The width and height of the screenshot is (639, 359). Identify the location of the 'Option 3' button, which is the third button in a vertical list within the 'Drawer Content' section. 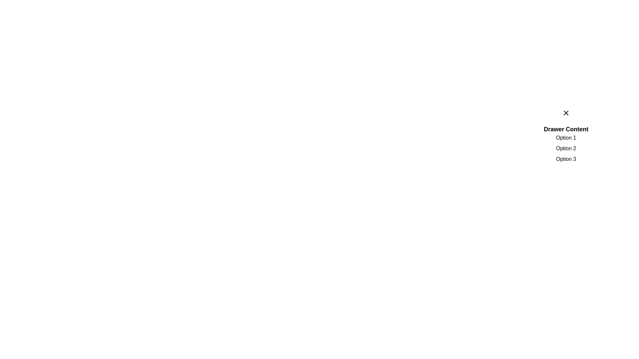
(565, 159).